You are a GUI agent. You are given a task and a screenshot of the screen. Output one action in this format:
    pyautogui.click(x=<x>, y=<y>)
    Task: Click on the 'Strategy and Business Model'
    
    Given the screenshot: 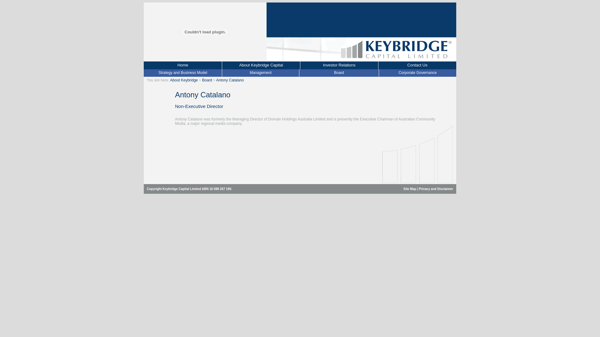 What is the action you would take?
    pyautogui.click(x=182, y=72)
    